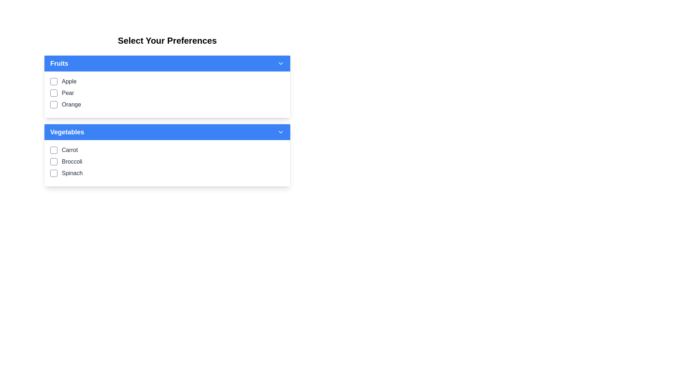 The image size is (694, 390). I want to click on the small square checkbox with a white background and gray border, positioned to the left of the 'Apple' label in the 'Fruits' section, to trigger visual feedback, so click(53, 81).